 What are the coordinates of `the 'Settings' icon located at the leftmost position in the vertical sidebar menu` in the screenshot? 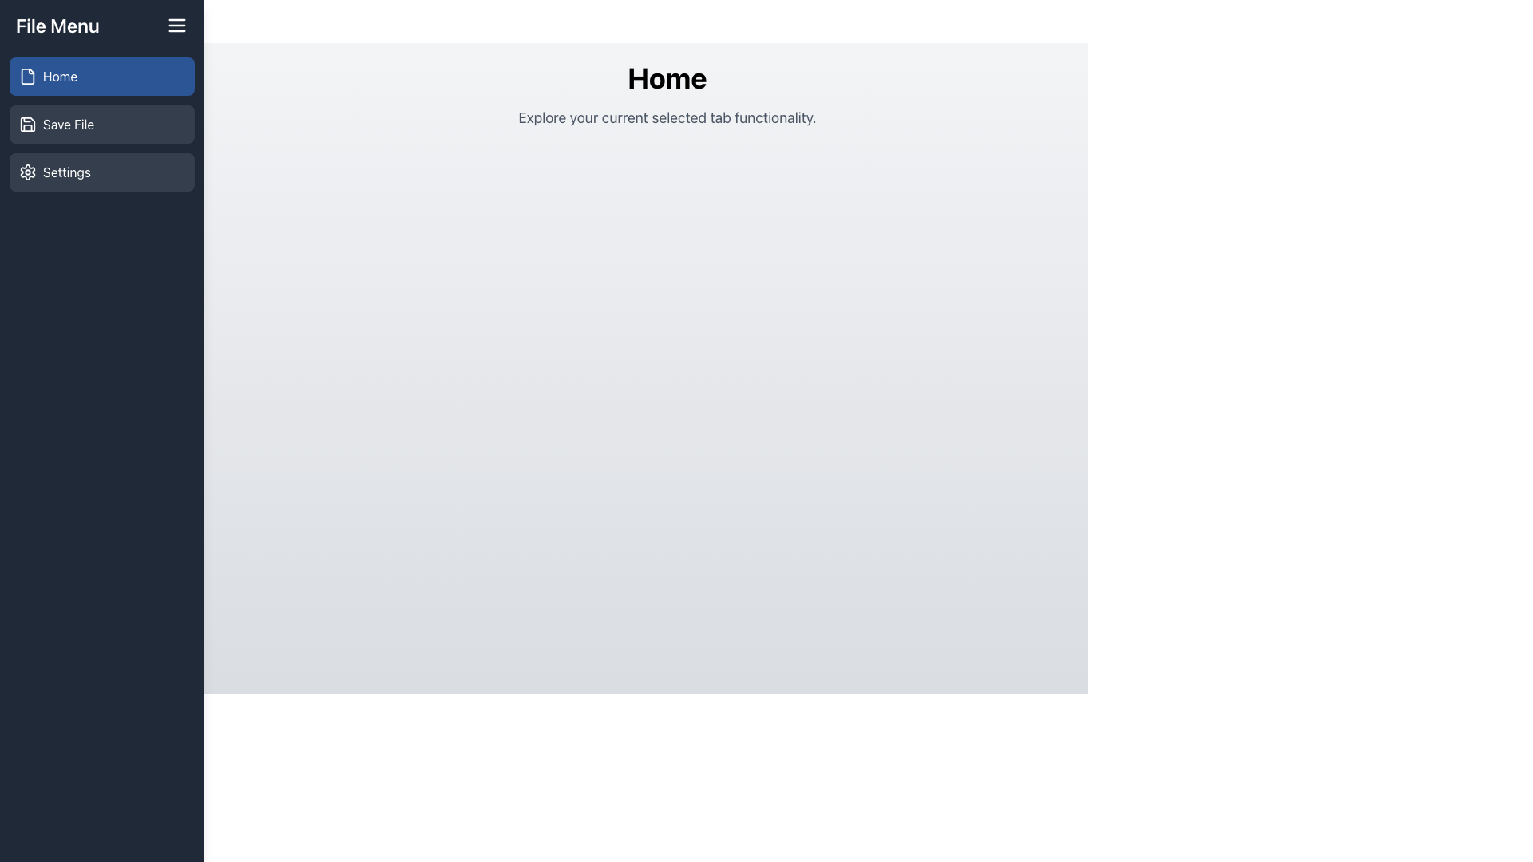 It's located at (27, 172).